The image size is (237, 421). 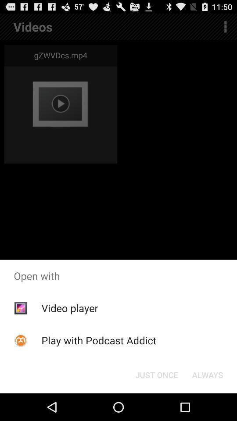 What do you see at coordinates (207, 374) in the screenshot?
I see `the button to the right of the just once icon` at bounding box center [207, 374].